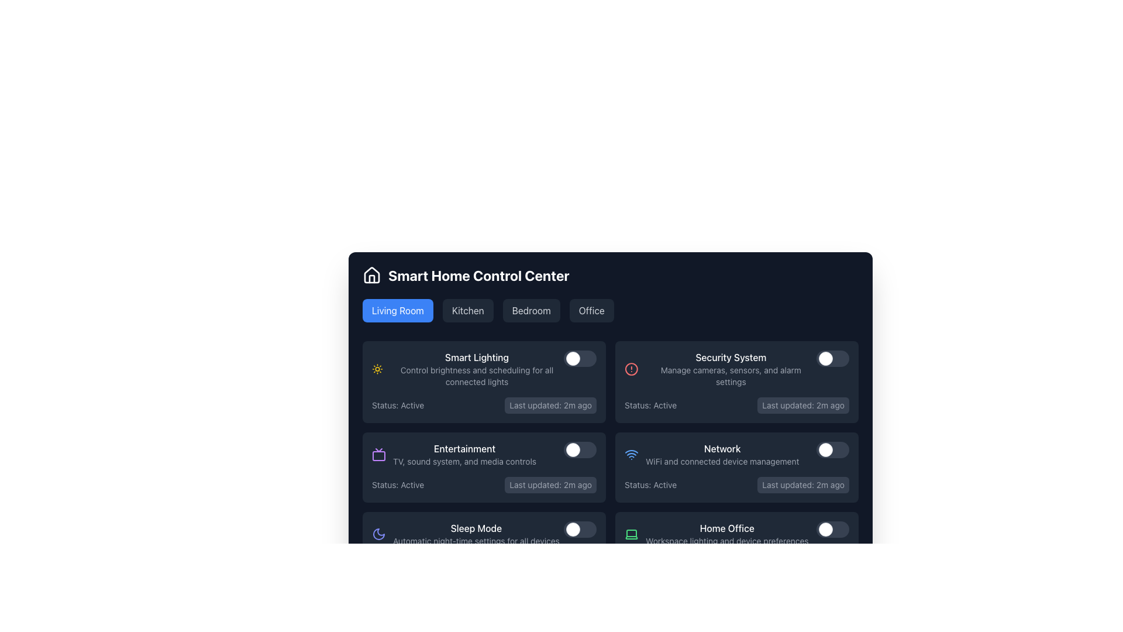 This screenshot has width=1123, height=632. Describe the element at coordinates (484, 547) in the screenshot. I see `the 'Sleep Mode' card located in the bottom-left position of the grid layout` at that location.